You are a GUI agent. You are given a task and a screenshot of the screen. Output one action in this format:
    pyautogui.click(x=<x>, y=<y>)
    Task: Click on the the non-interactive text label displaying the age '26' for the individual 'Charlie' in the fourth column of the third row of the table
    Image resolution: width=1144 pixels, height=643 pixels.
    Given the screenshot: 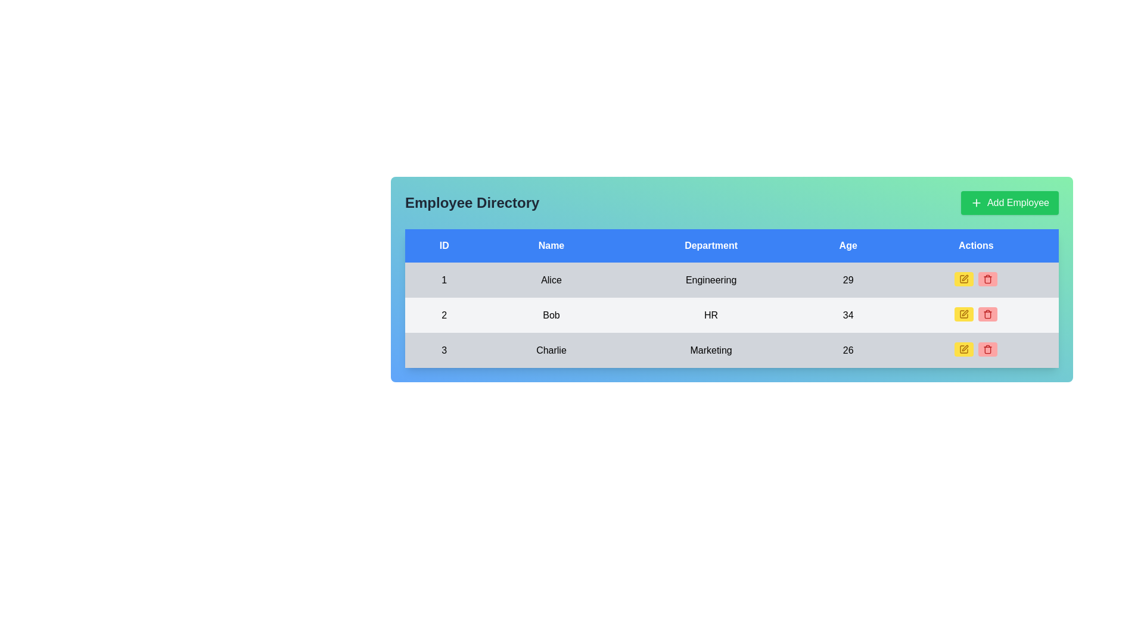 What is the action you would take?
    pyautogui.click(x=847, y=349)
    